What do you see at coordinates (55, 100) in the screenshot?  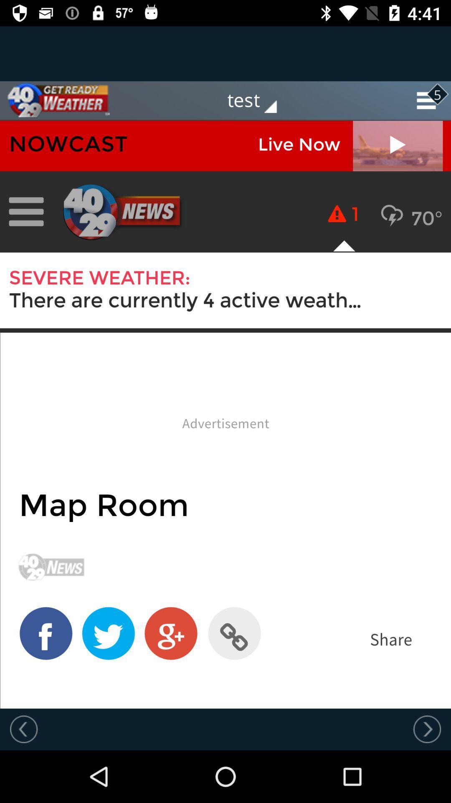 I see `home page` at bounding box center [55, 100].